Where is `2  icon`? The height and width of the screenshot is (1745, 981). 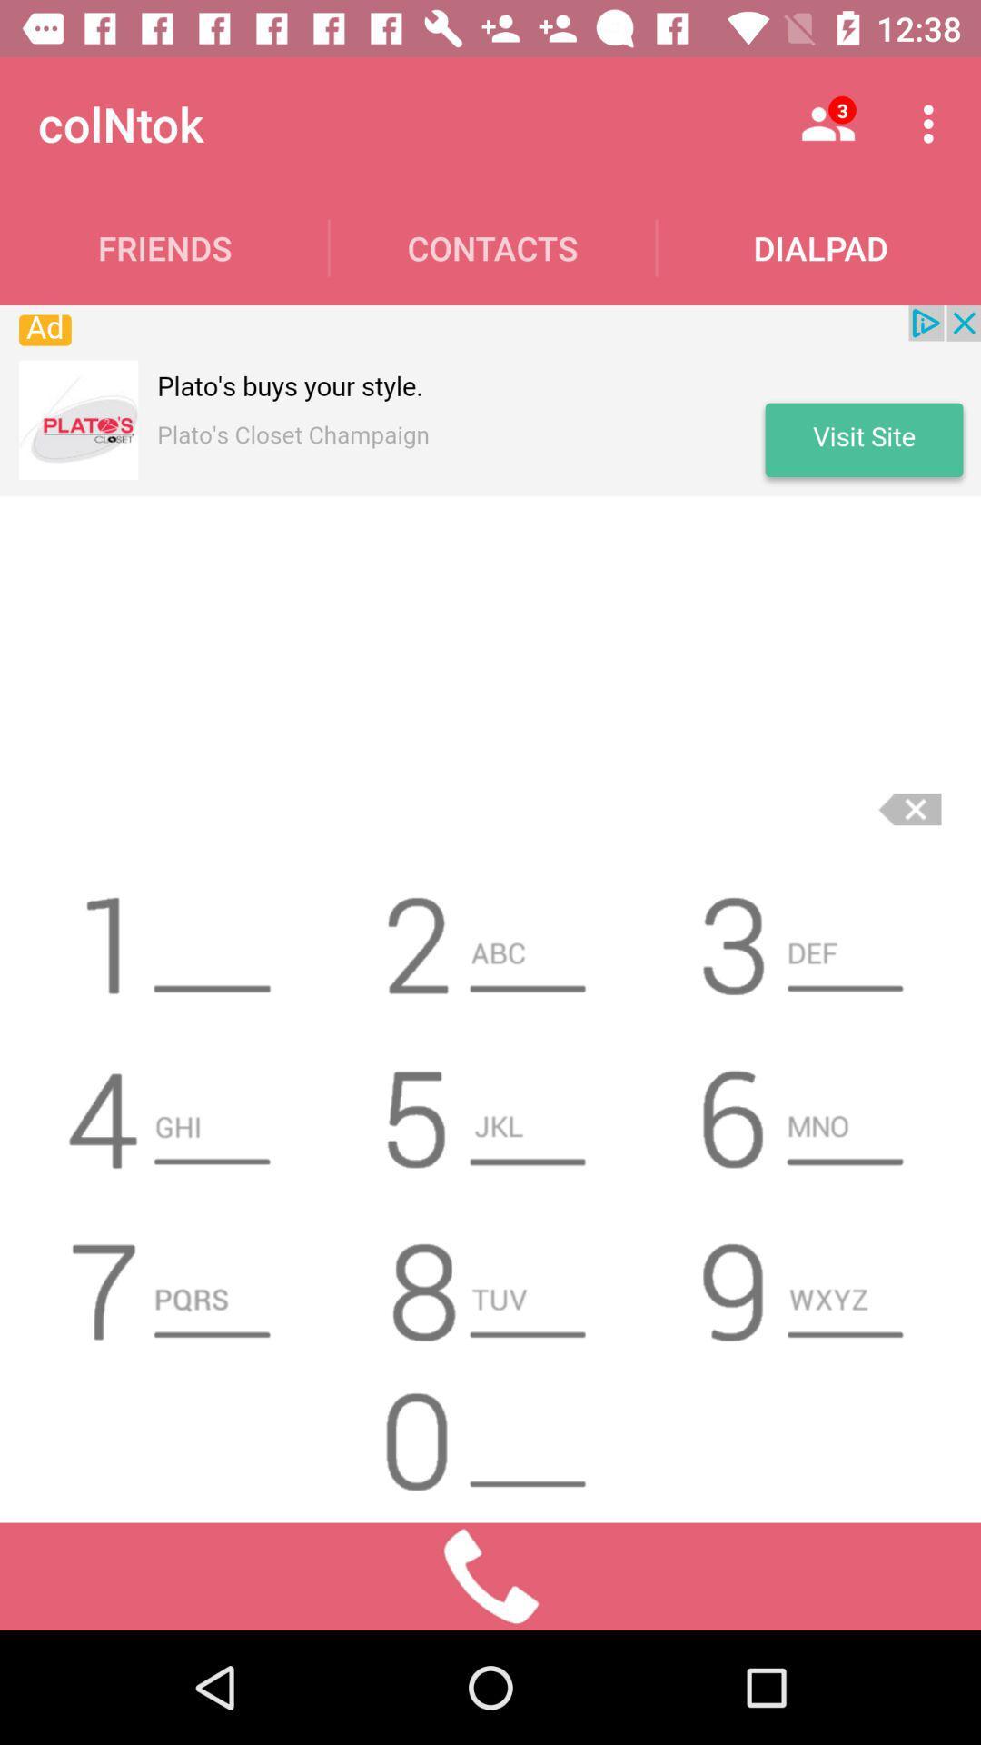
2  icon is located at coordinates (490, 938).